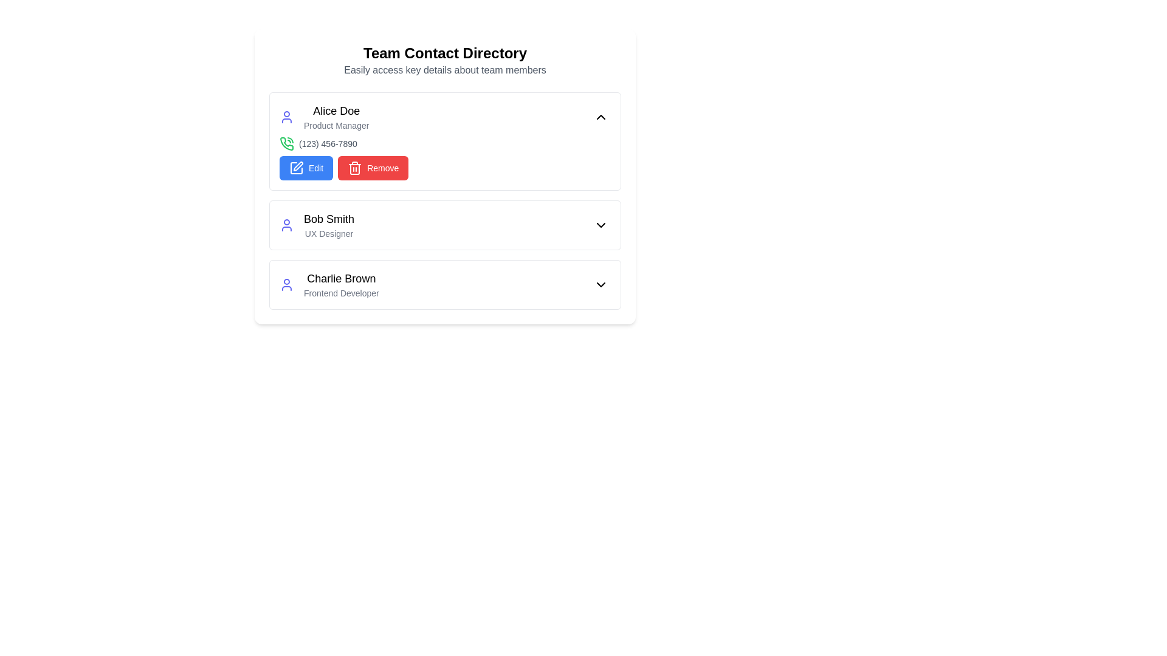 Image resolution: width=1167 pixels, height=656 pixels. Describe the element at coordinates (286, 285) in the screenshot. I see `the user-related icon adjacent to the left of the text 'Charlie Brown' and above 'Frontend Developer'` at that location.